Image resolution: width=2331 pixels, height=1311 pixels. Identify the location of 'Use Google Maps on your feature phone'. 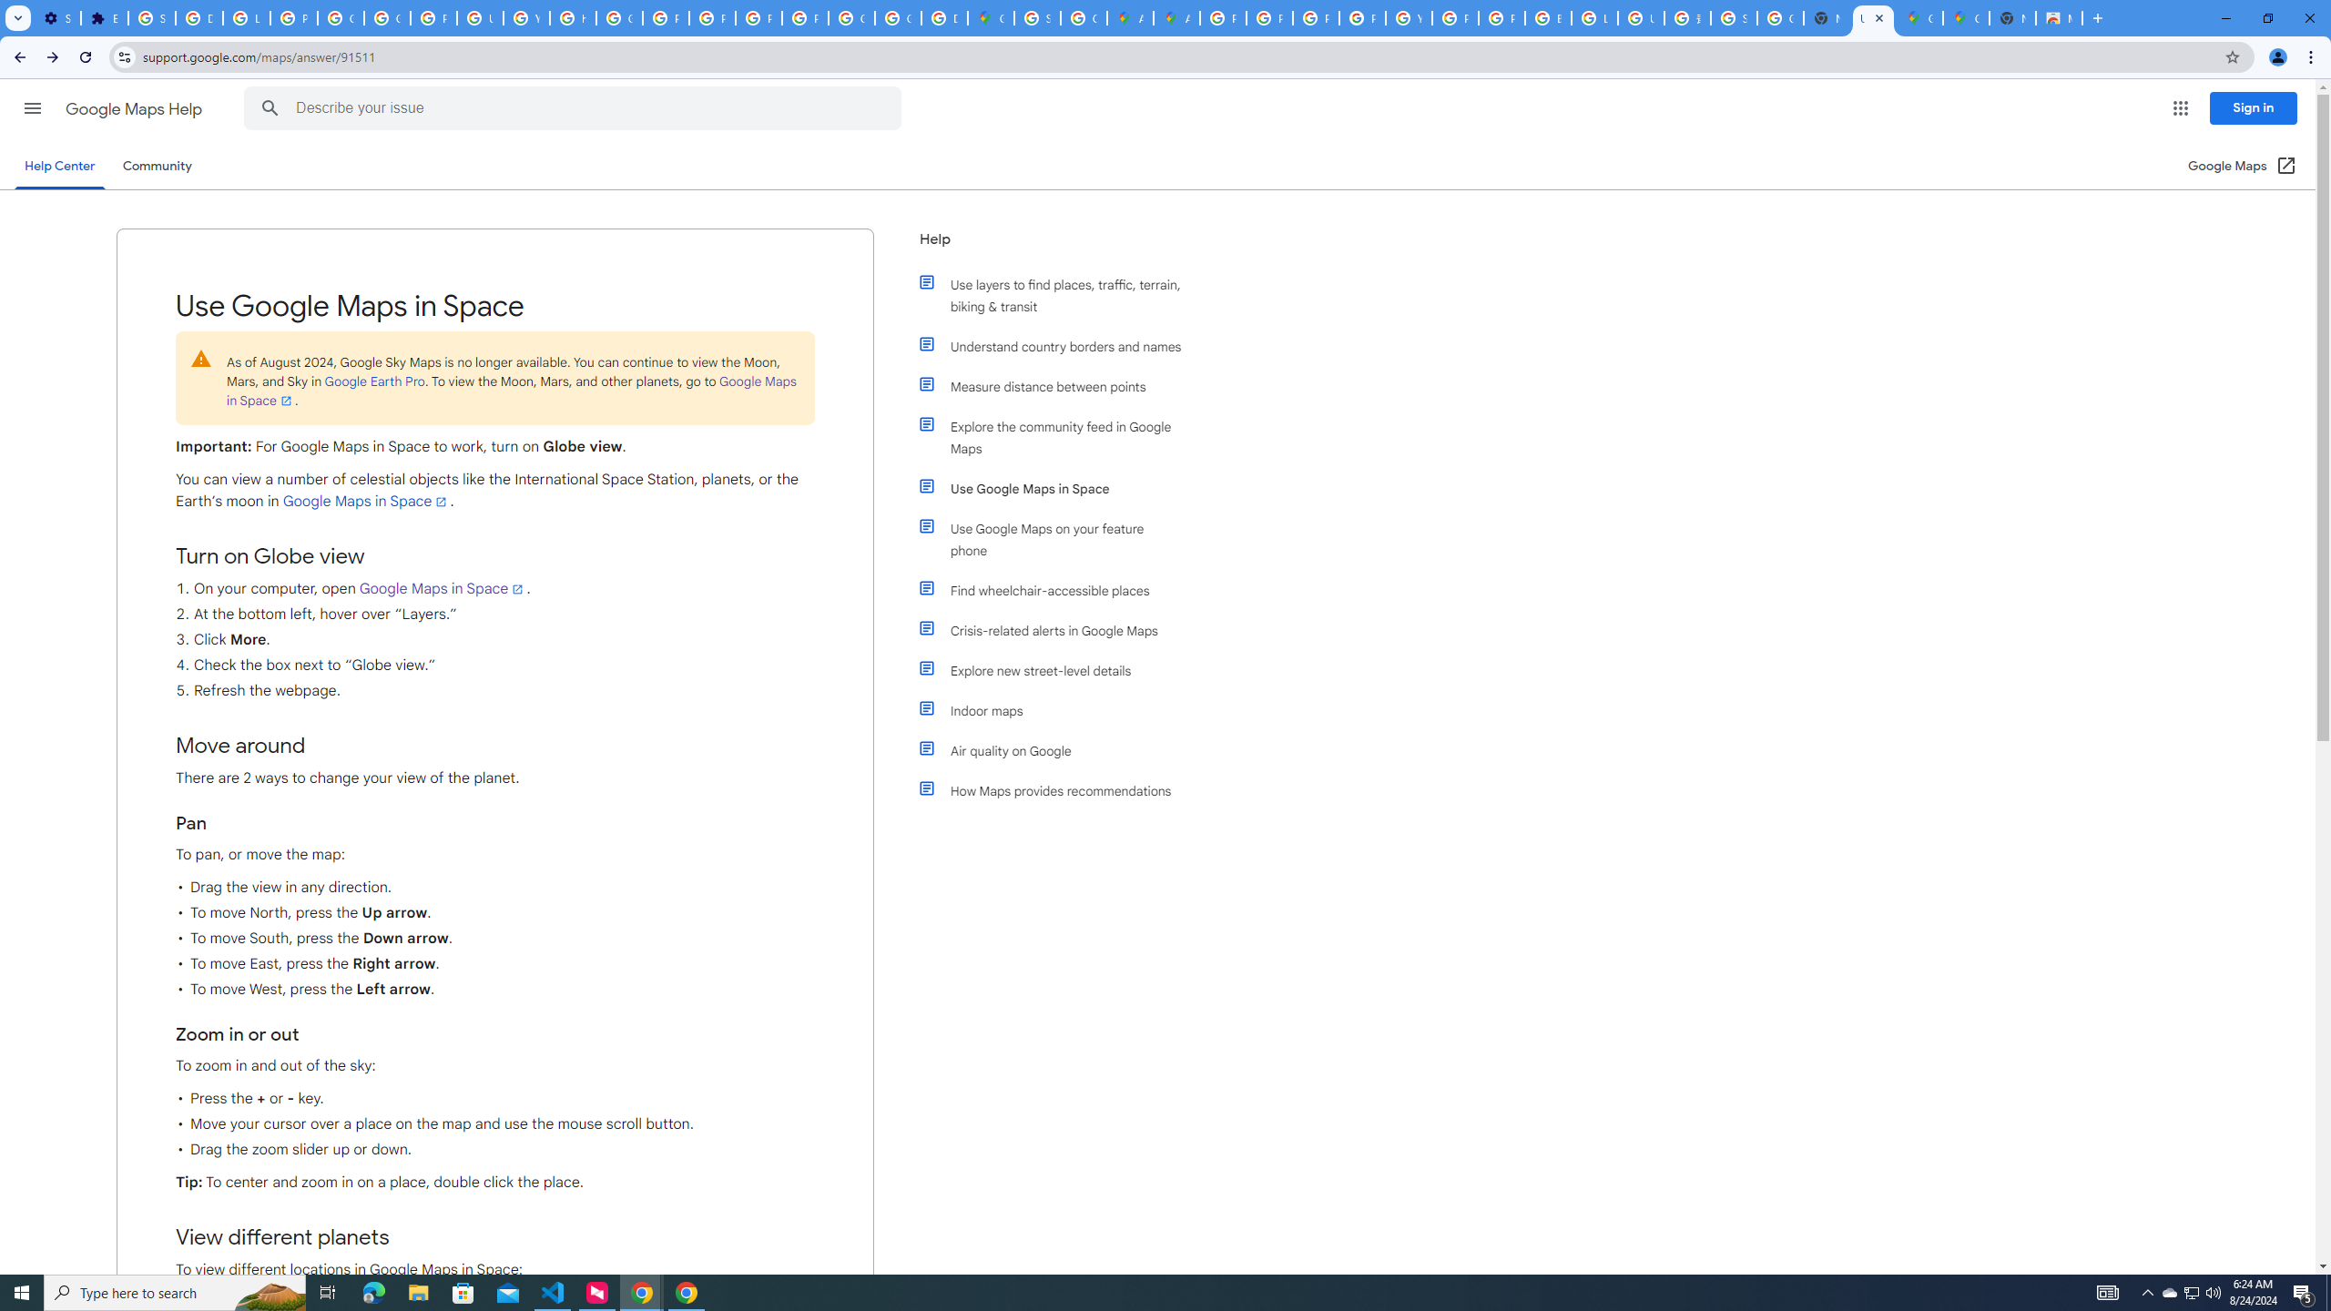
(1058, 538).